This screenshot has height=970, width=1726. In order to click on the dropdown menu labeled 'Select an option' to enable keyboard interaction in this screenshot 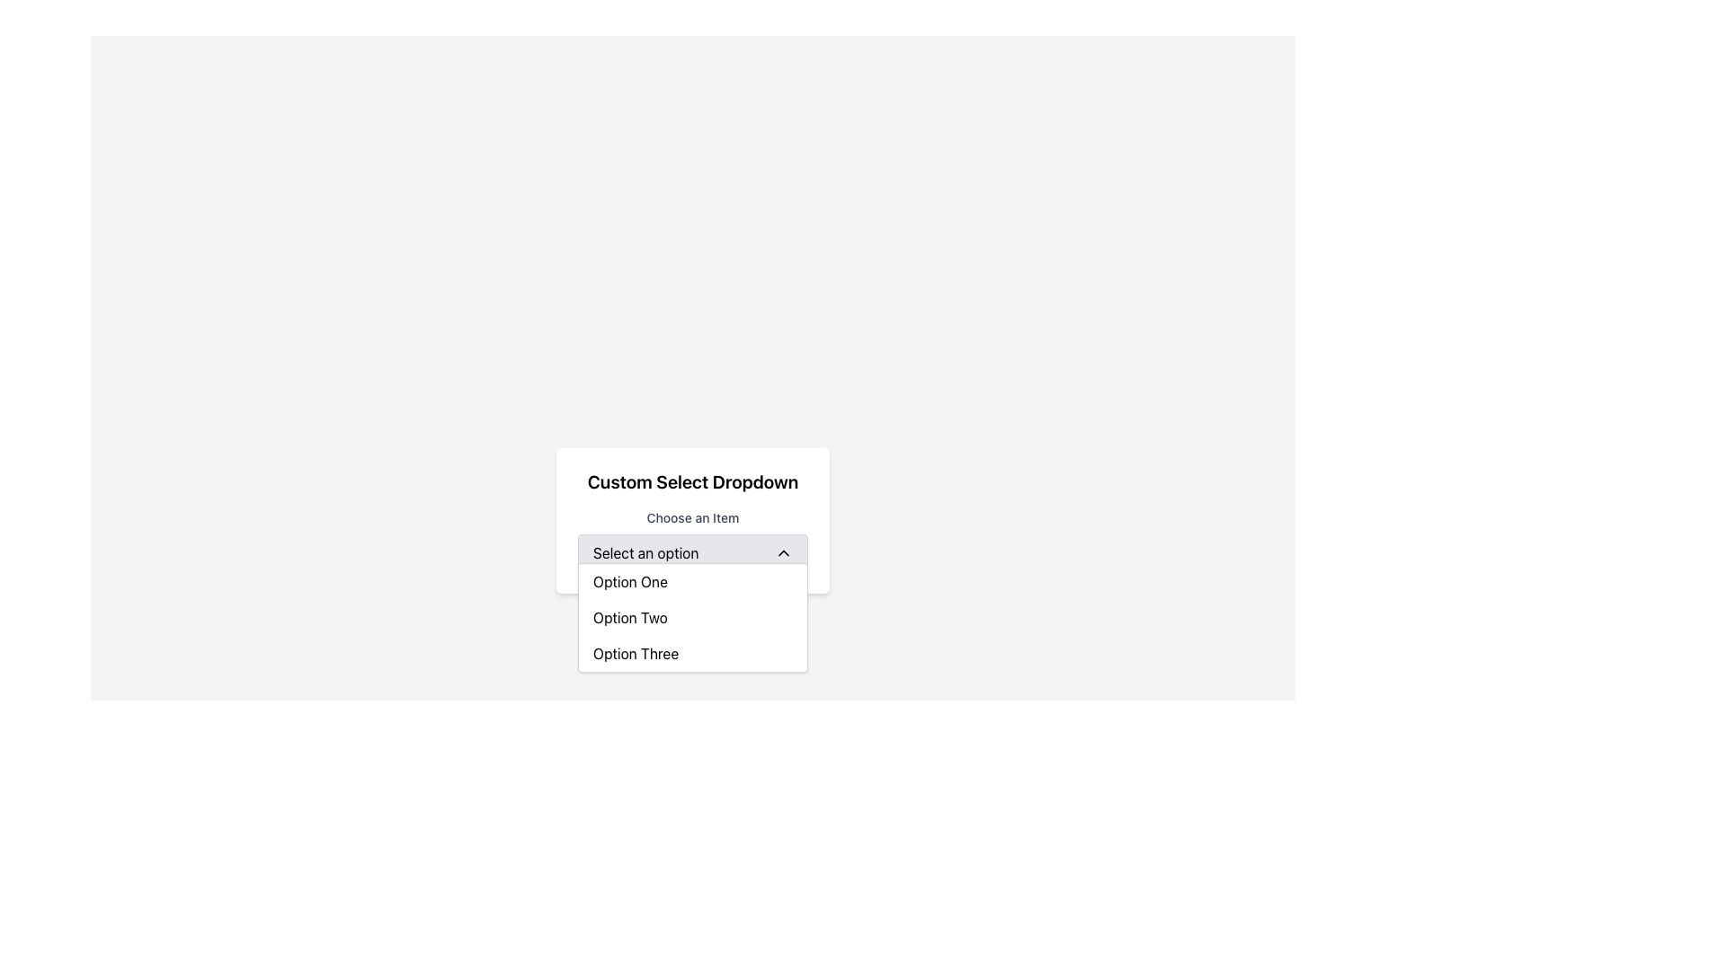, I will do `click(692, 552)`.